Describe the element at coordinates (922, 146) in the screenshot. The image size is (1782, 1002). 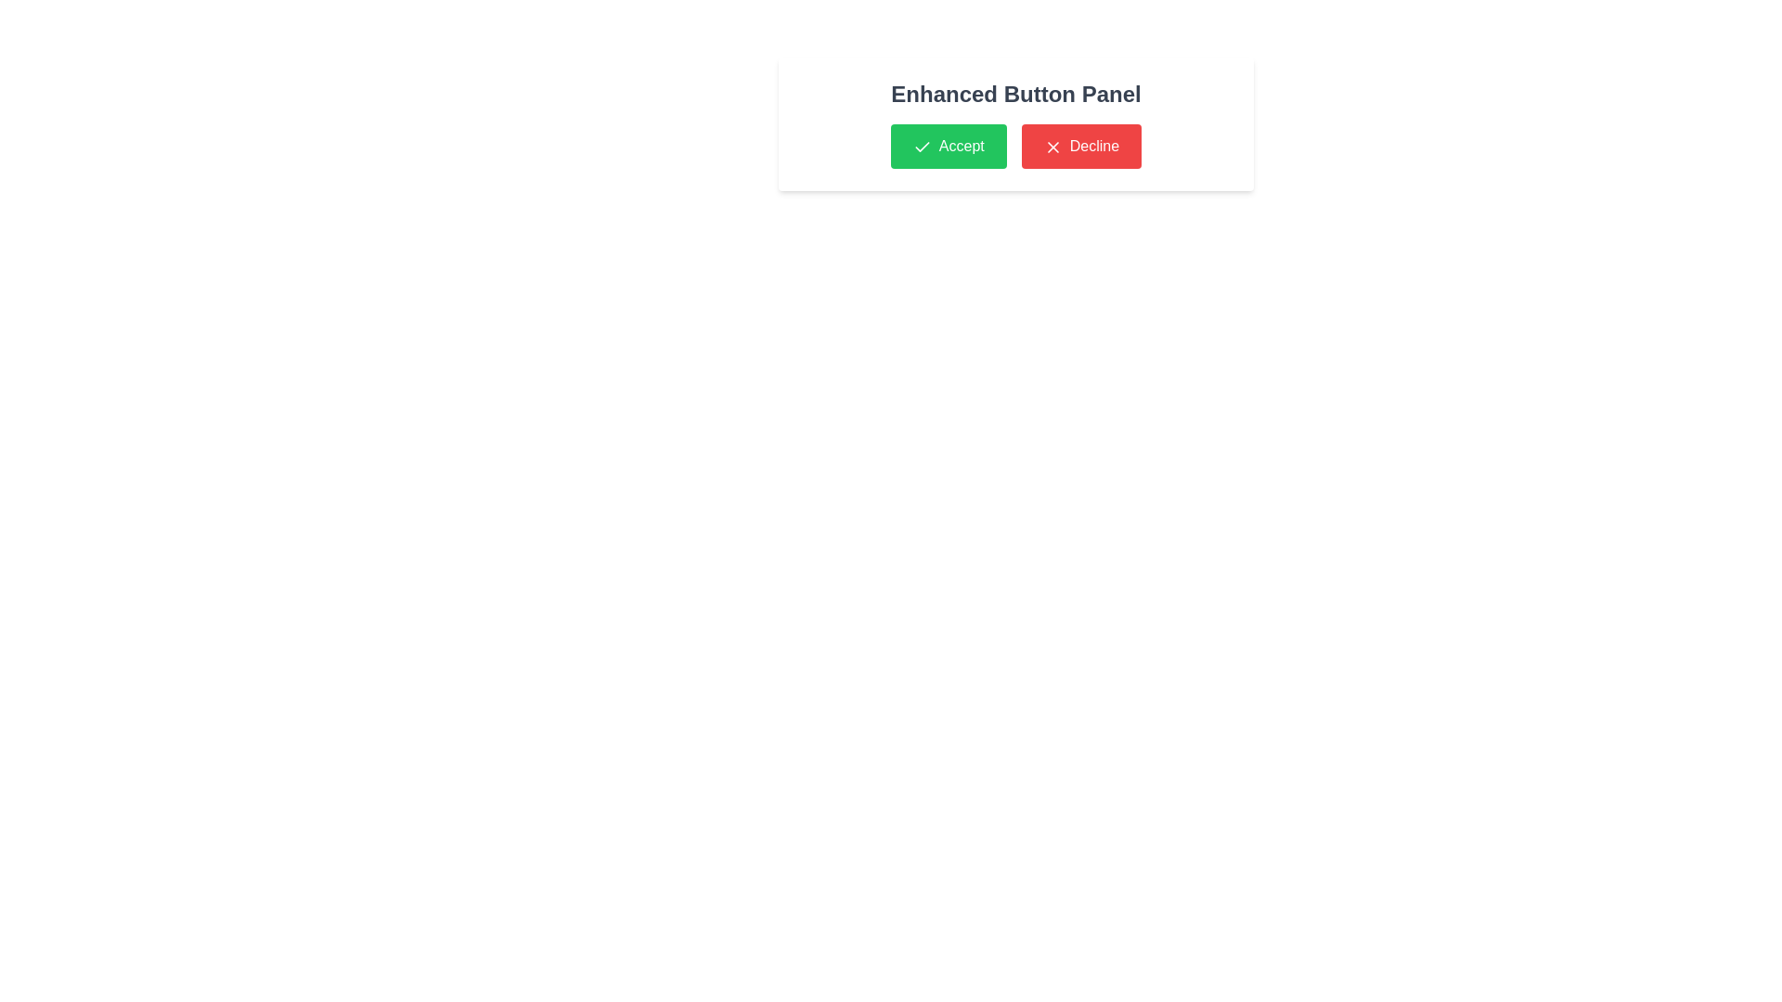
I see `small checkmark icon located within the green 'Accept' button, which is positioned to the left of the text 'Accept'` at that location.